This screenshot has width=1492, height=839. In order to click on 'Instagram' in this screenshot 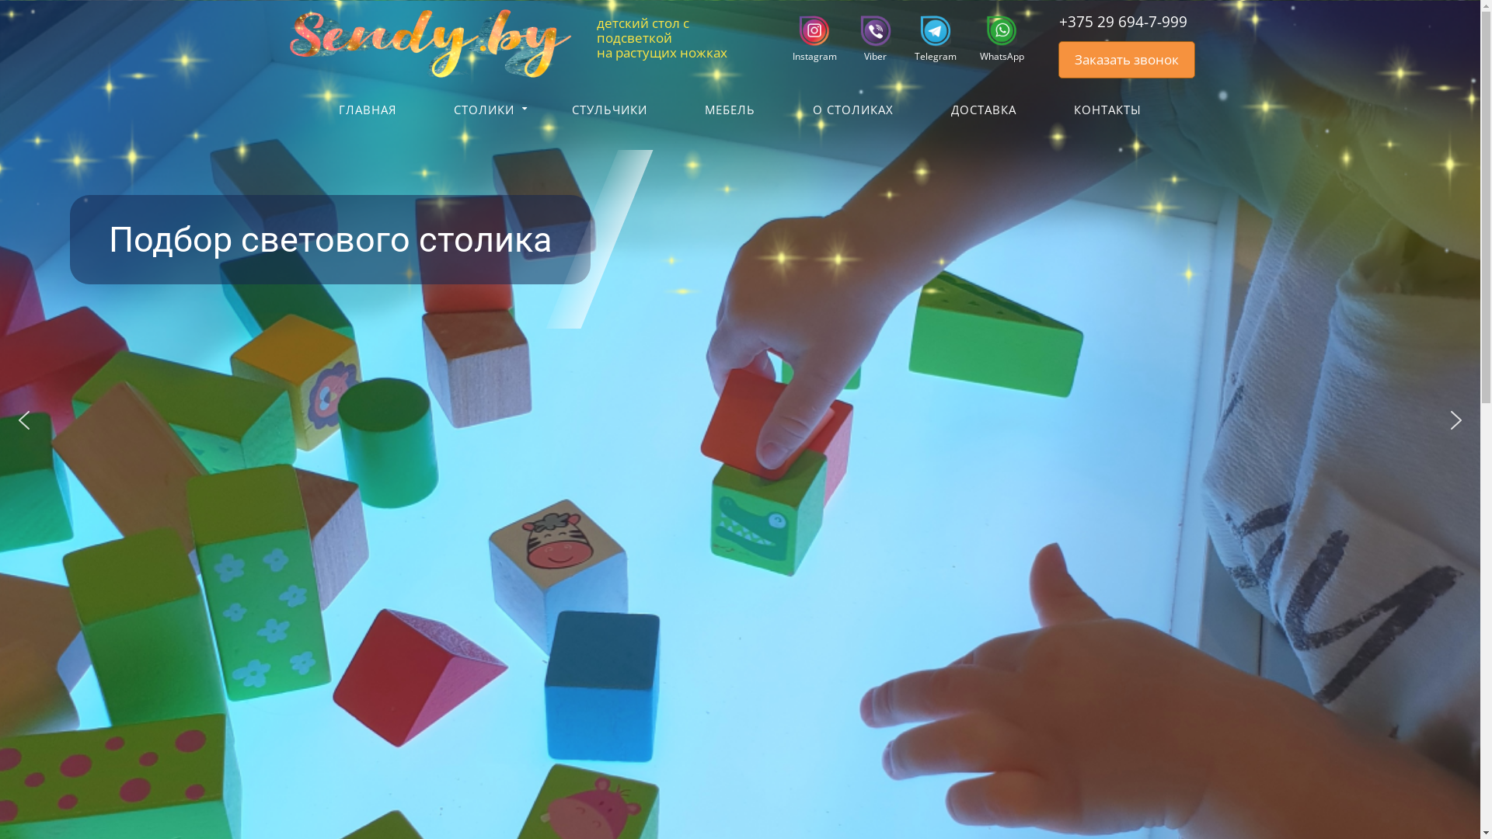, I will do `click(808, 38)`.